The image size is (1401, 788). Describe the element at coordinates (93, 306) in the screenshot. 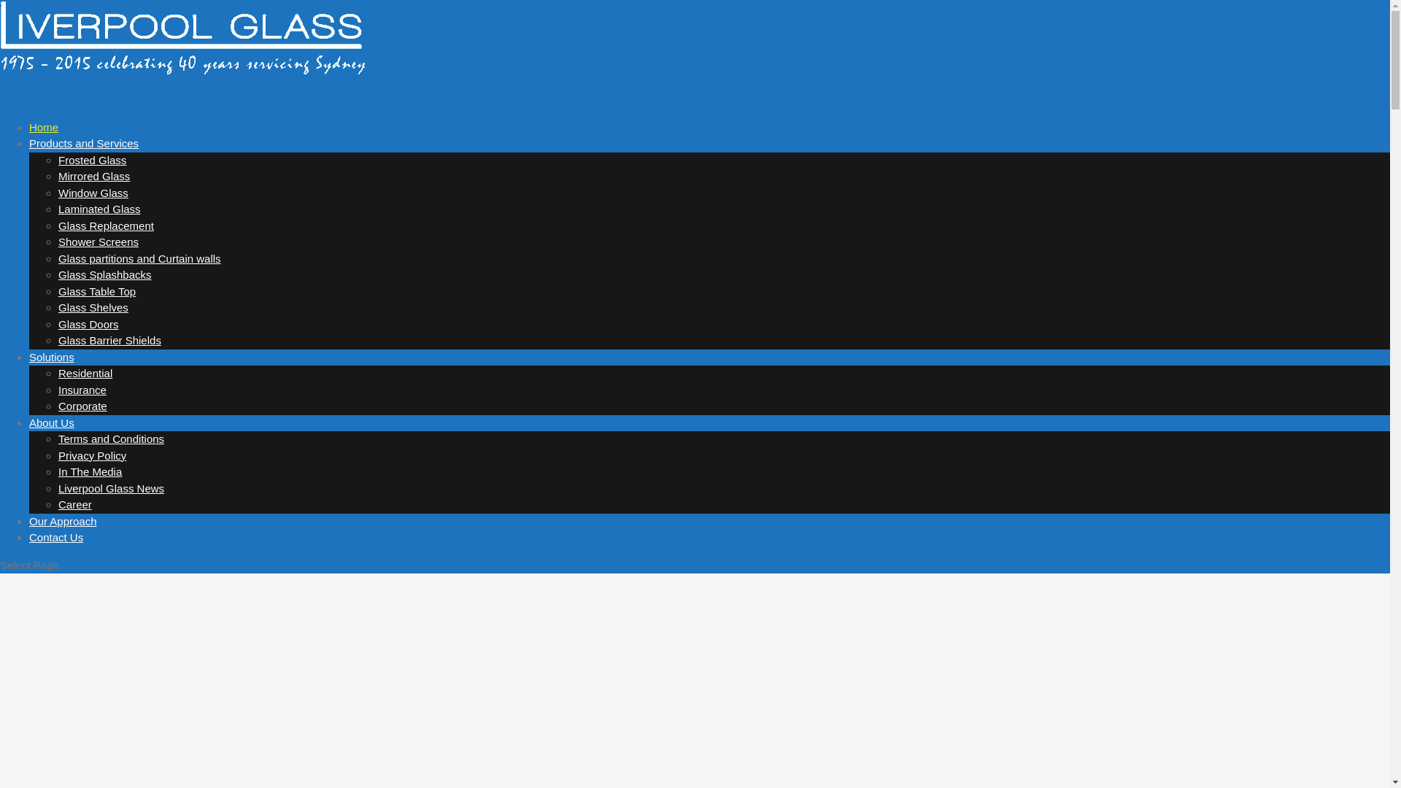

I see `'Glass Shelves'` at that location.